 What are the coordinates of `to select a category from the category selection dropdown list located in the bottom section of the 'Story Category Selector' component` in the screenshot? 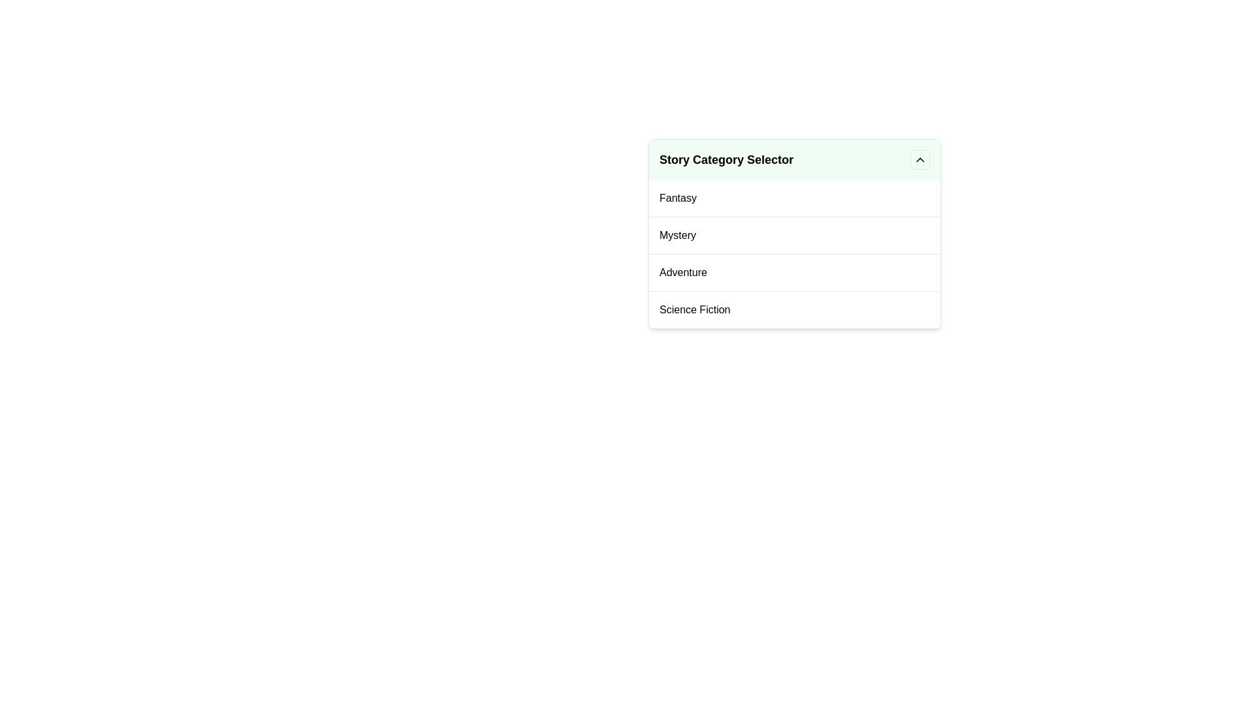 It's located at (794, 254).